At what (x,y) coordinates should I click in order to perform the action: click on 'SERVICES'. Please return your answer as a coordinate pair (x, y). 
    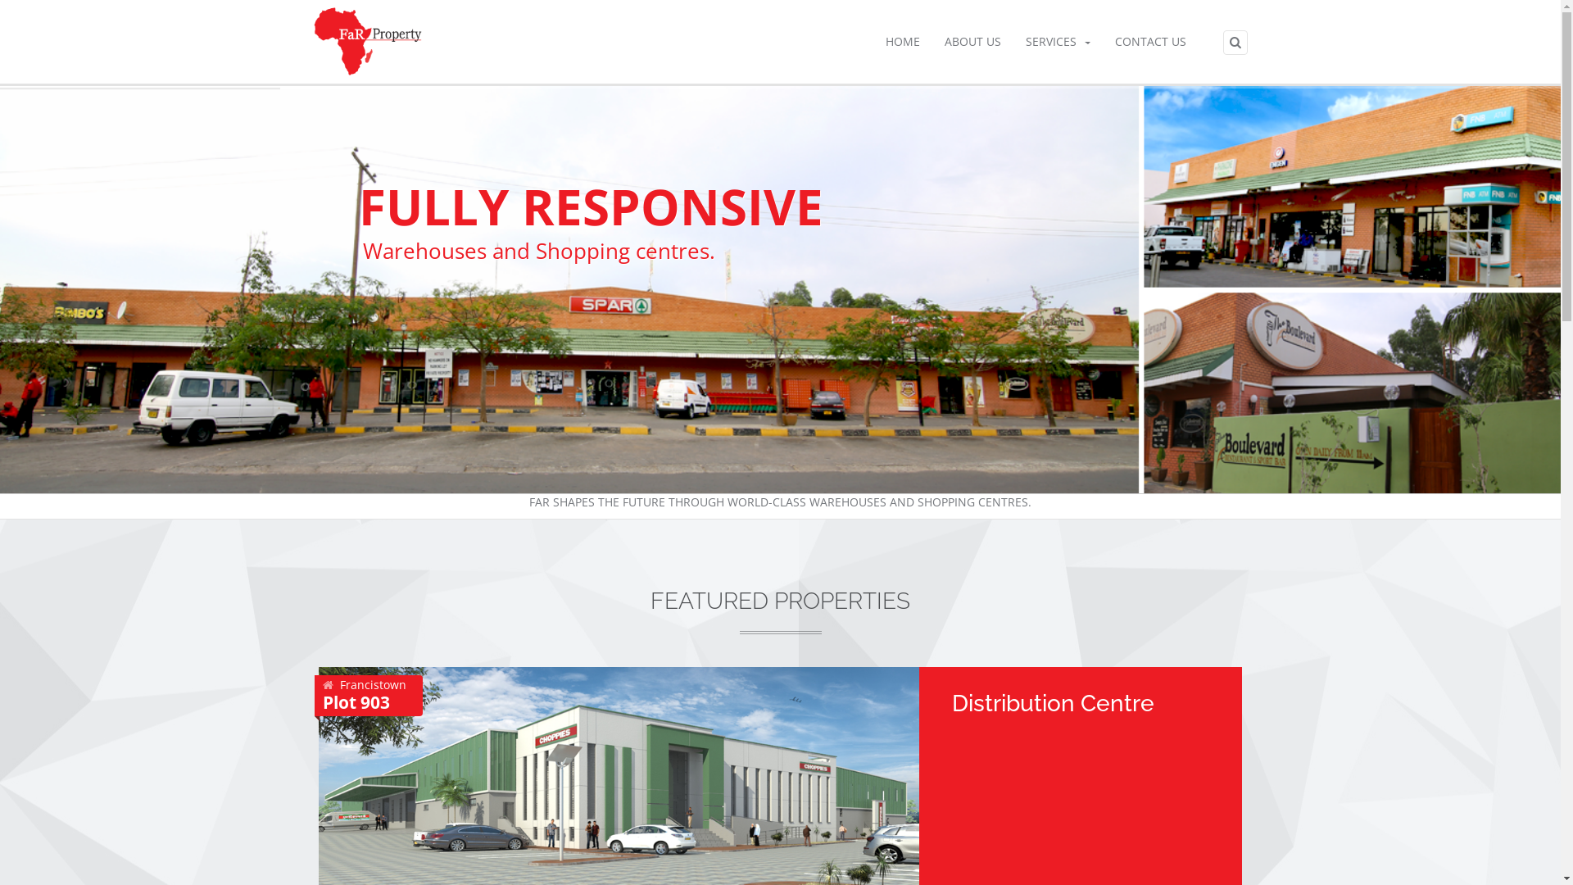
    Looking at the image, I should click on (1057, 40).